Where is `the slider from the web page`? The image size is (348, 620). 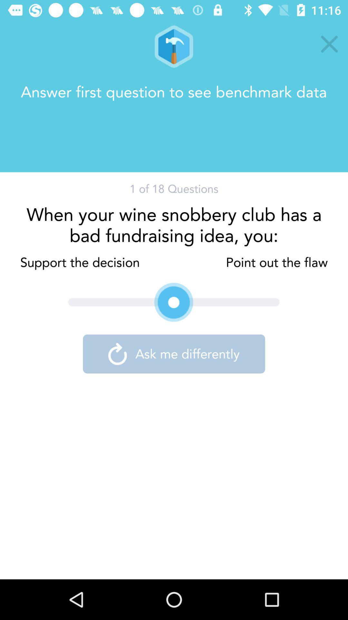
the slider from the web page is located at coordinates (174, 302).